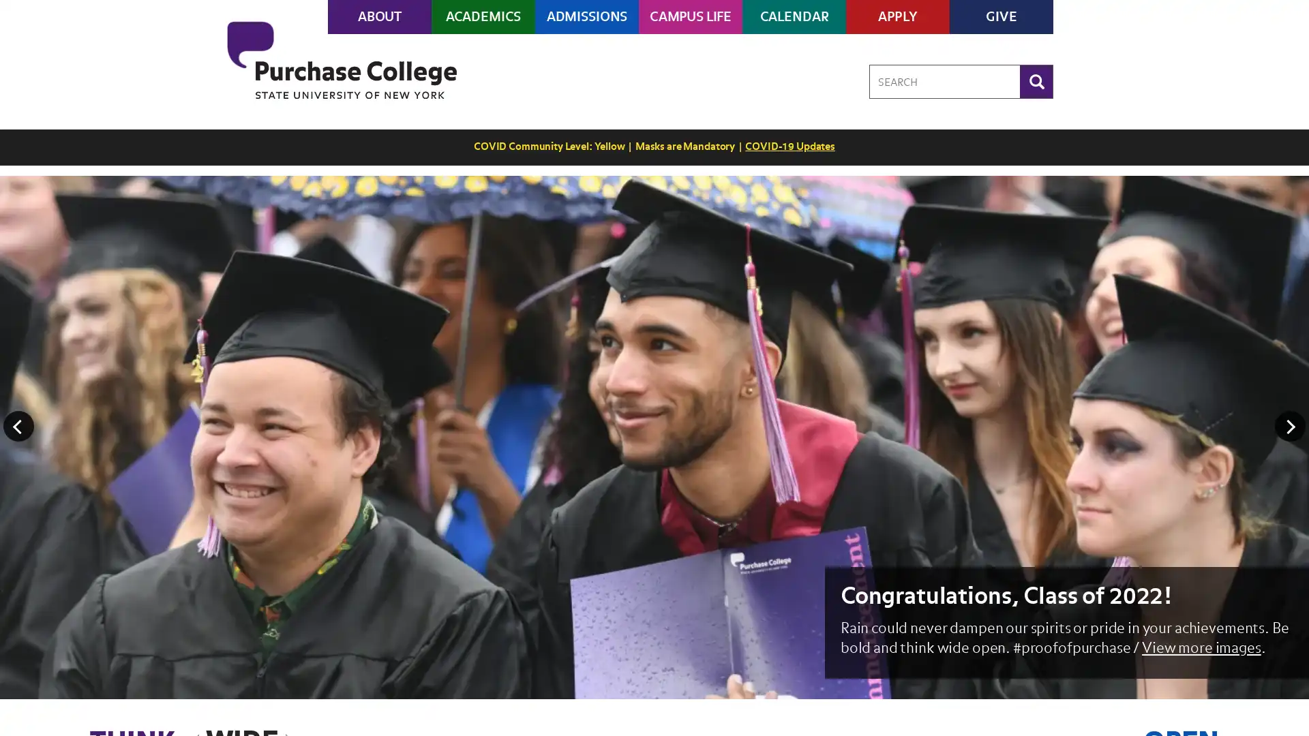  Describe the element at coordinates (1289, 425) in the screenshot. I see `Next Image` at that location.